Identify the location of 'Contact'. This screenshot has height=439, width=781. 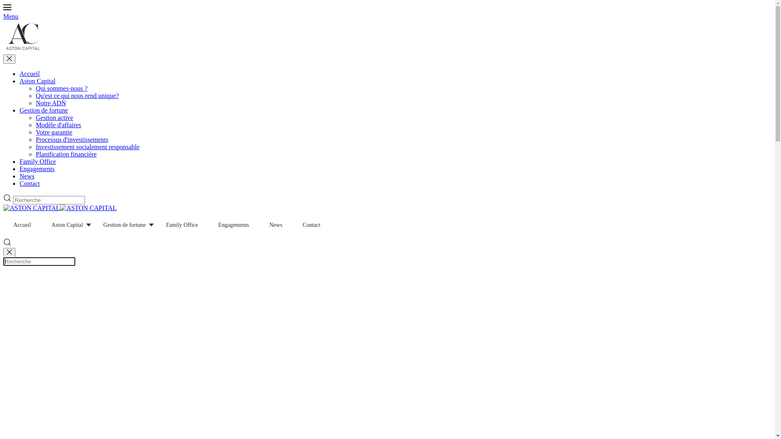
(292, 225).